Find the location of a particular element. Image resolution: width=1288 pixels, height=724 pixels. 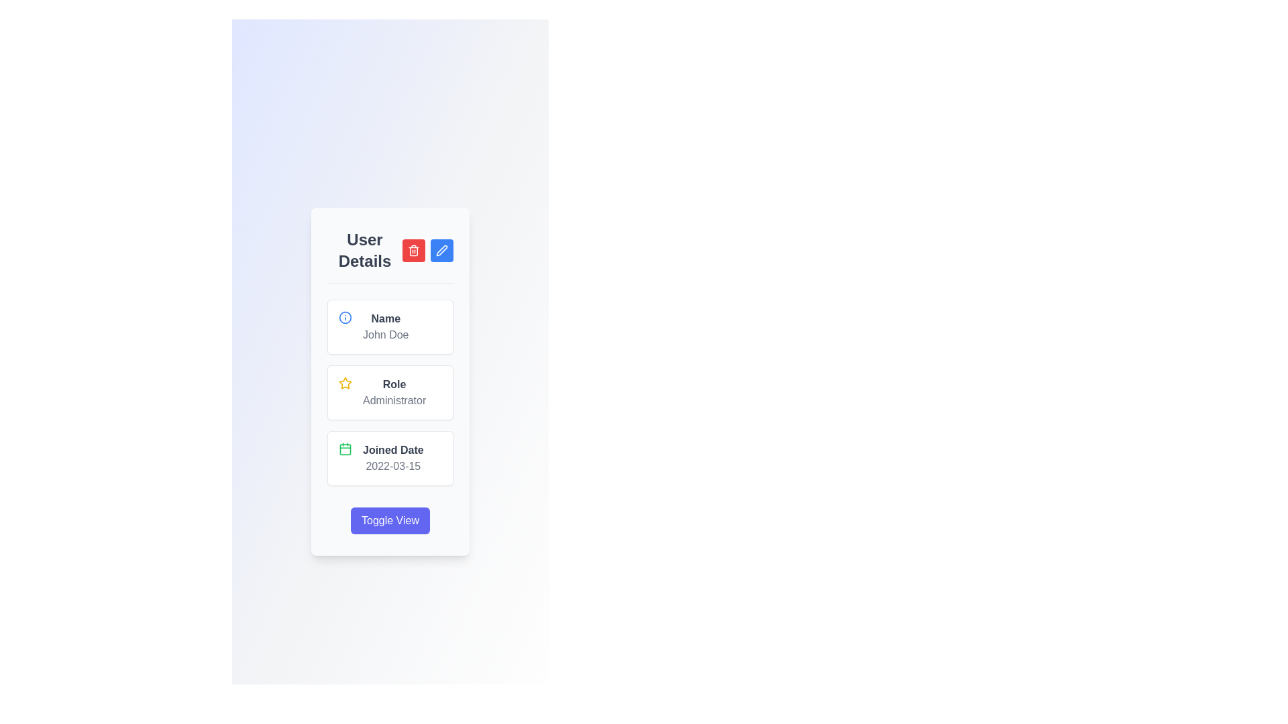

the 'Joined Date' text display element which shows the date '2022-03-15', positioned between the 'Role' section and the 'Toggle View' button is located at coordinates (392, 457).